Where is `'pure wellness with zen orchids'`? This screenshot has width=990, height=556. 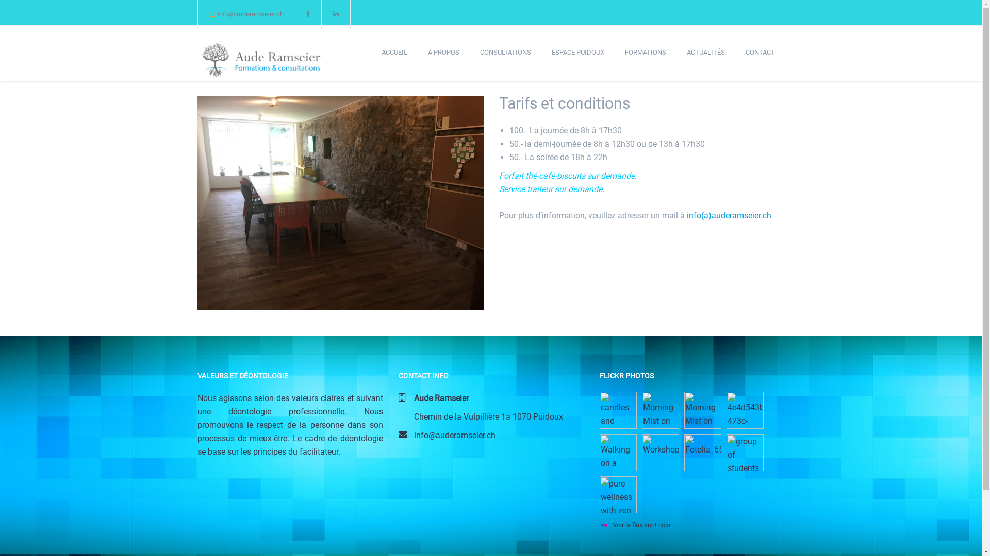
'pure wellness with zen orchids' is located at coordinates (599, 494).